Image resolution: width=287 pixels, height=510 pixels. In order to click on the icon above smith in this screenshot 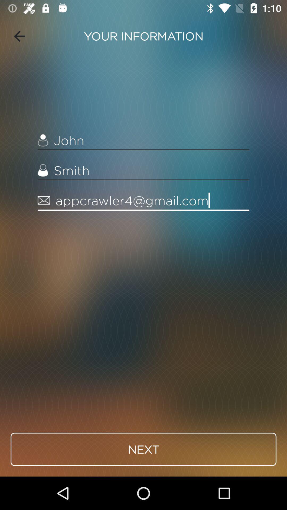, I will do `click(143, 141)`.